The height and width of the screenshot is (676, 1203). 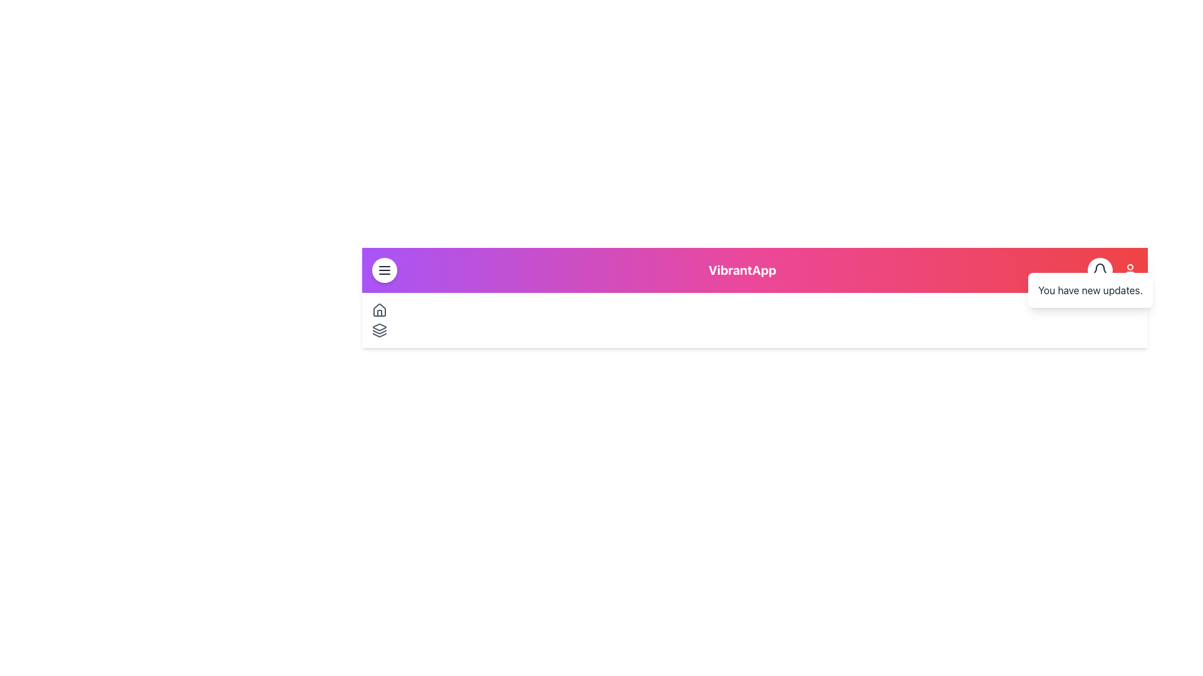 I want to click on the user profile button located in the top-right corner of the interface, so click(x=1130, y=270).